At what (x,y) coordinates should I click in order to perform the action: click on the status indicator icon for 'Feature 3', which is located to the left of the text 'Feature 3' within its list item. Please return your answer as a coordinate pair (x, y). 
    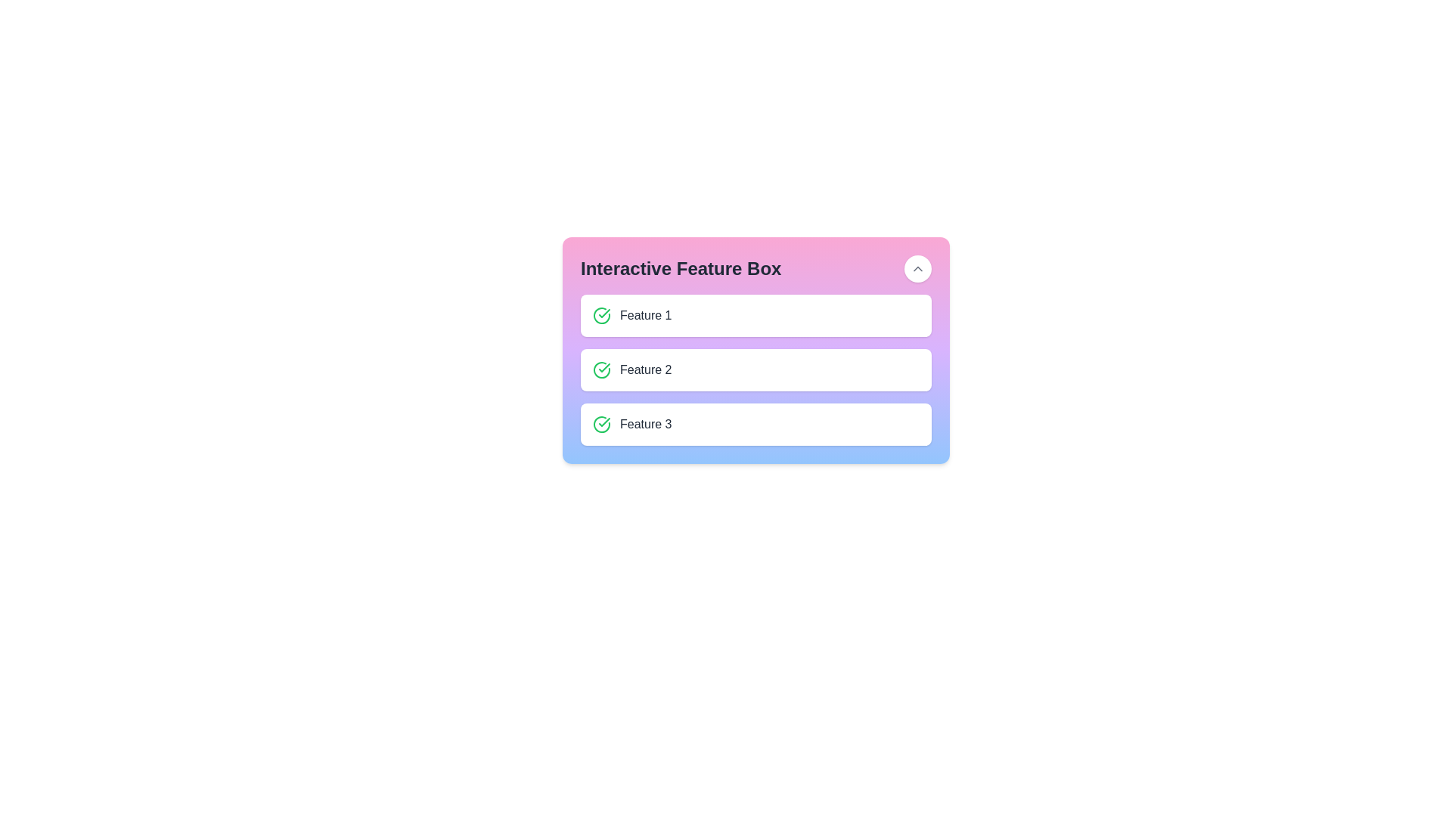
    Looking at the image, I should click on (601, 425).